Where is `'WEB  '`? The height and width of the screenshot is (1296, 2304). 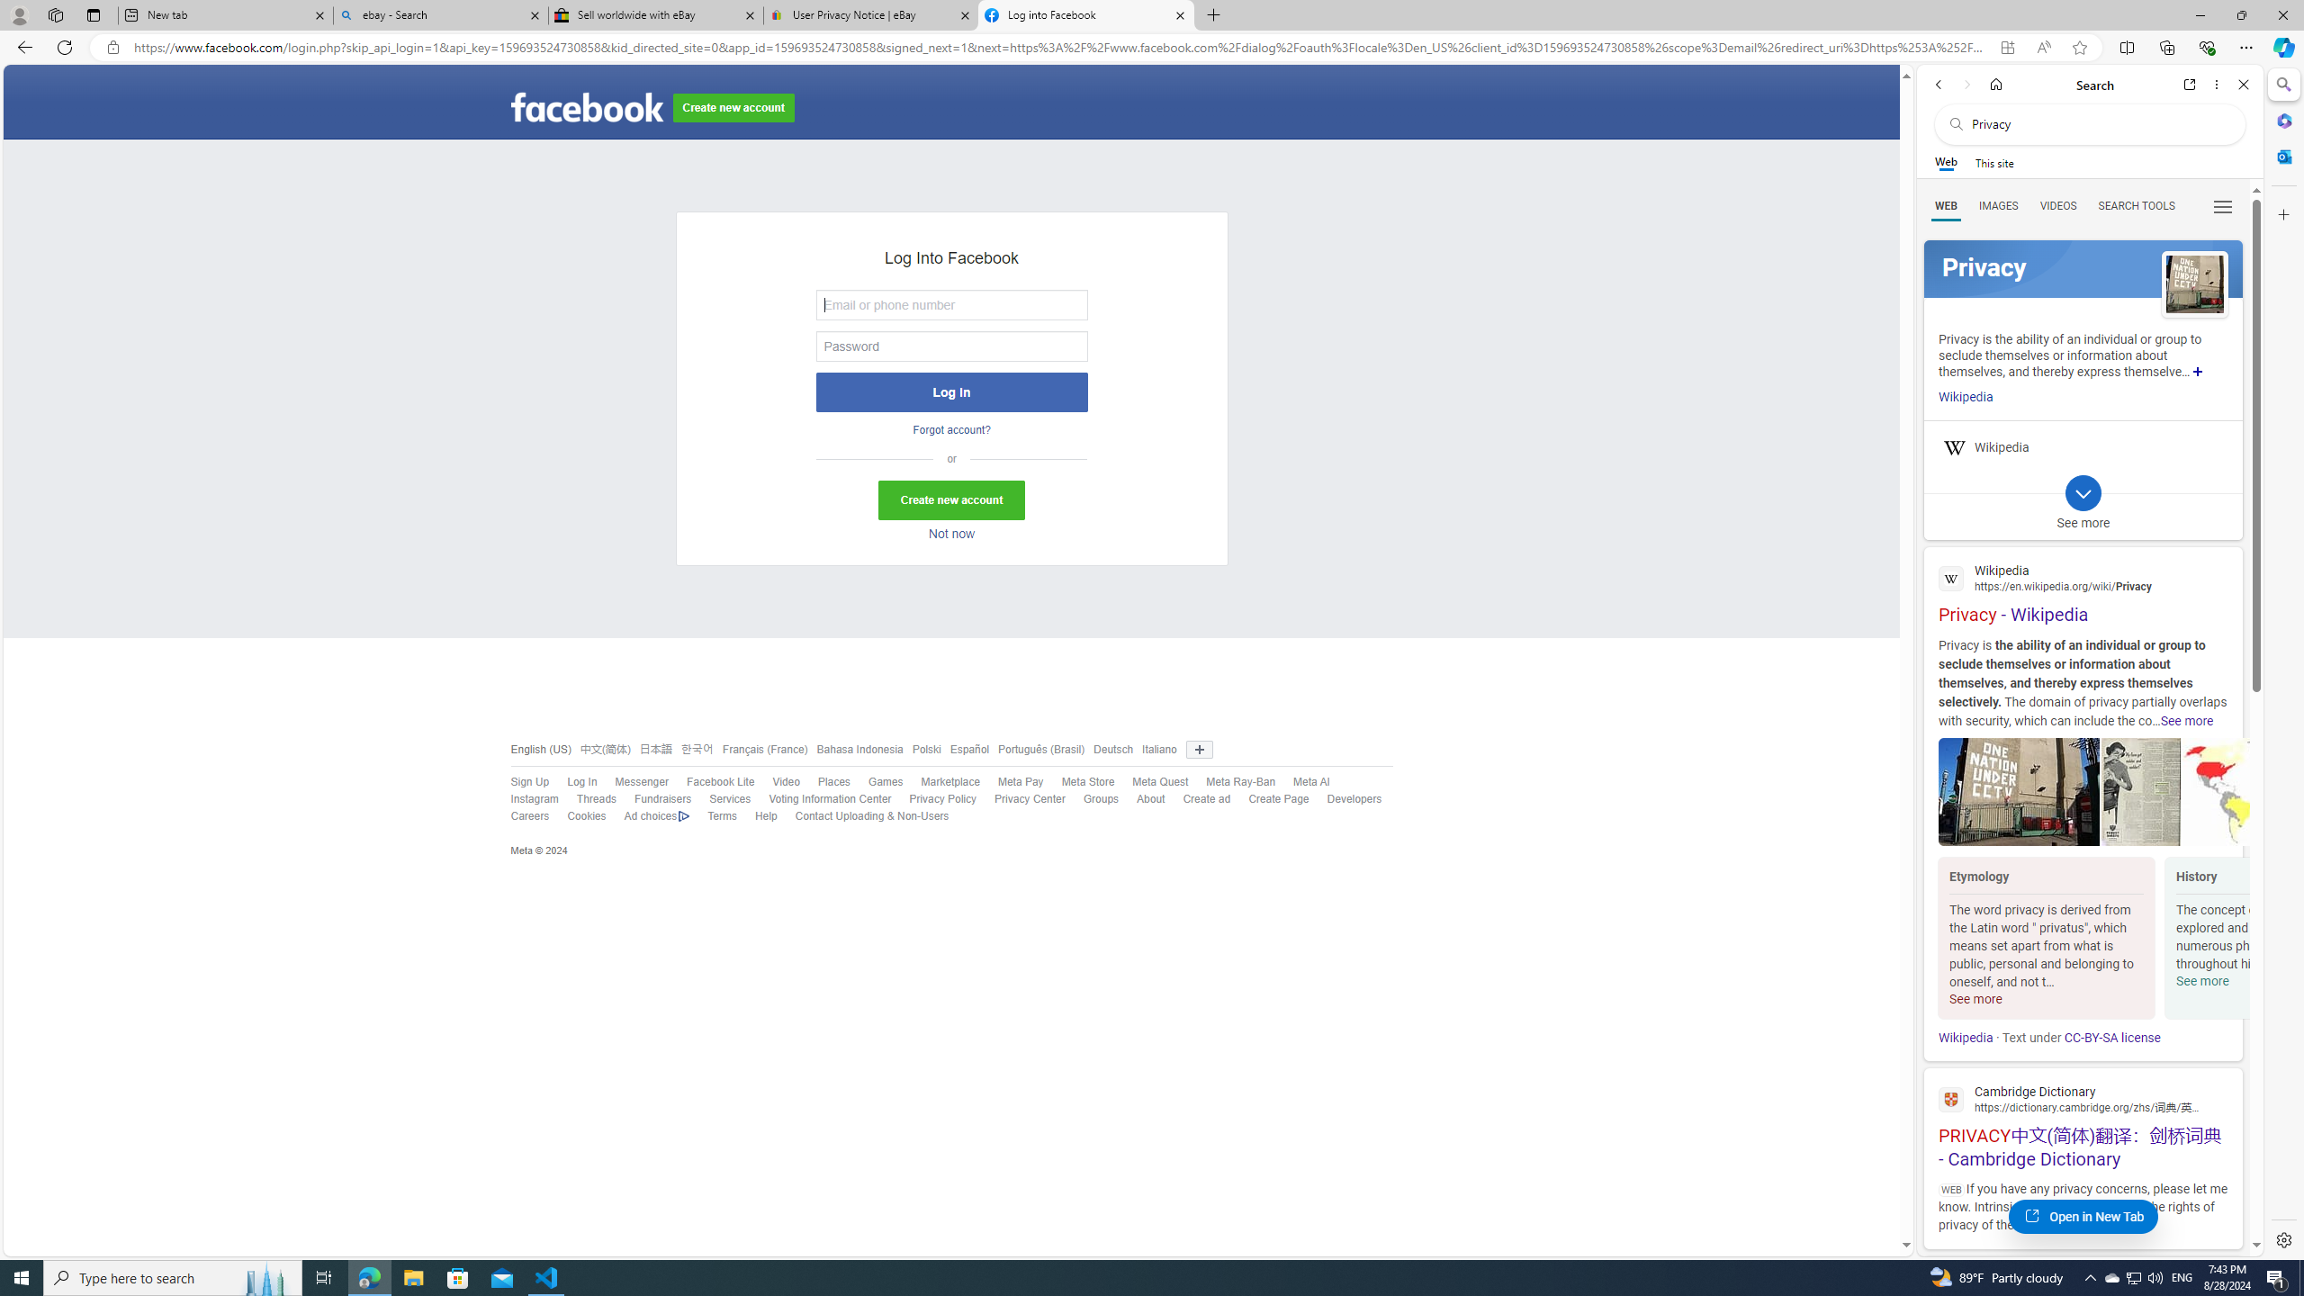 'WEB  ' is located at coordinates (1946, 206).